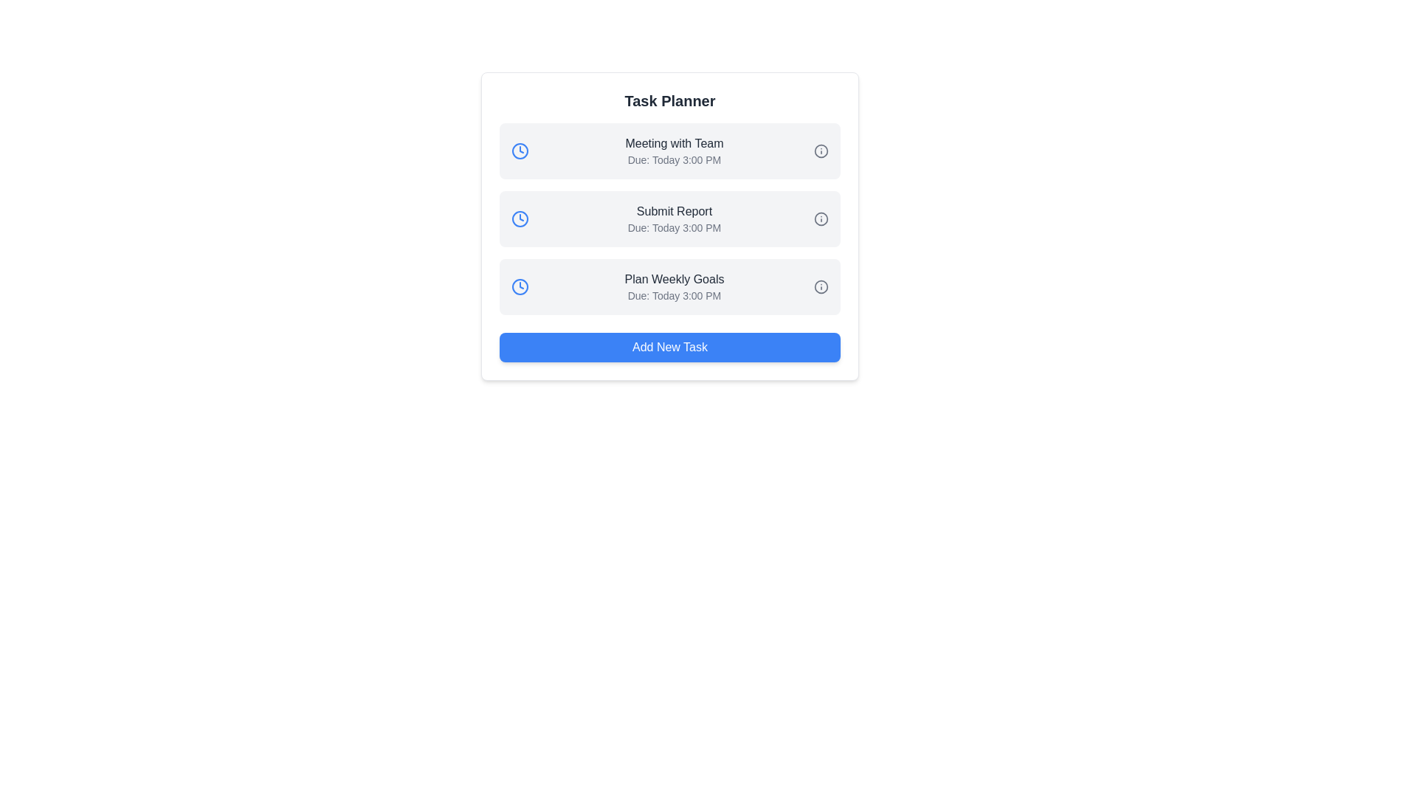 The height and width of the screenshot is (797, 1417). What do you see at coordinates (673, 151) in the screenshot?
I see `the informational text block titled 'Meeting with Team' which displays the due date 'Due: Today 3:00 PM' and is located in the center-right of the first task card in the 'Task Planner' list` at bounding box center [673, 151].